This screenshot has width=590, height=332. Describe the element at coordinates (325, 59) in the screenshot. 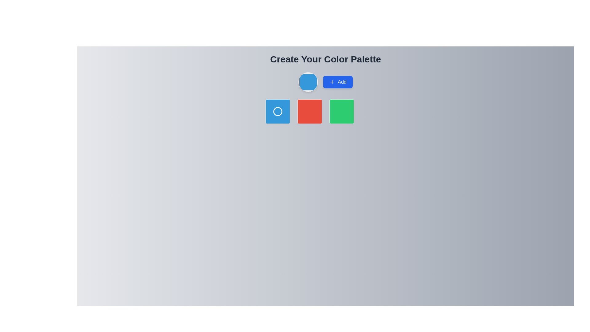

I see `the primary heading text label positioned centrally at the top of the interface, which indicates its main theme or purpose` at that location.